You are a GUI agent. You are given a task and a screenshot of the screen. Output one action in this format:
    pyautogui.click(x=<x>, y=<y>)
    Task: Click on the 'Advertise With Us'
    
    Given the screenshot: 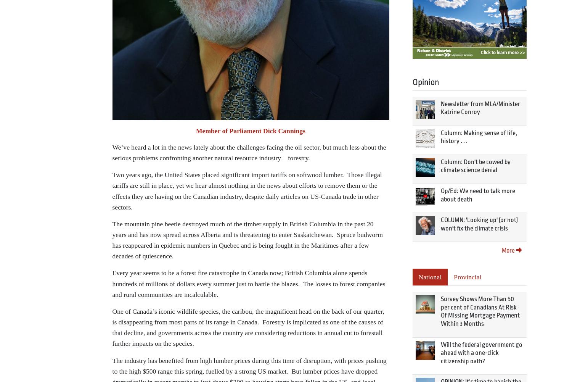 What is the action you would take?
    pyautogui.click(x=164, y=226)
    